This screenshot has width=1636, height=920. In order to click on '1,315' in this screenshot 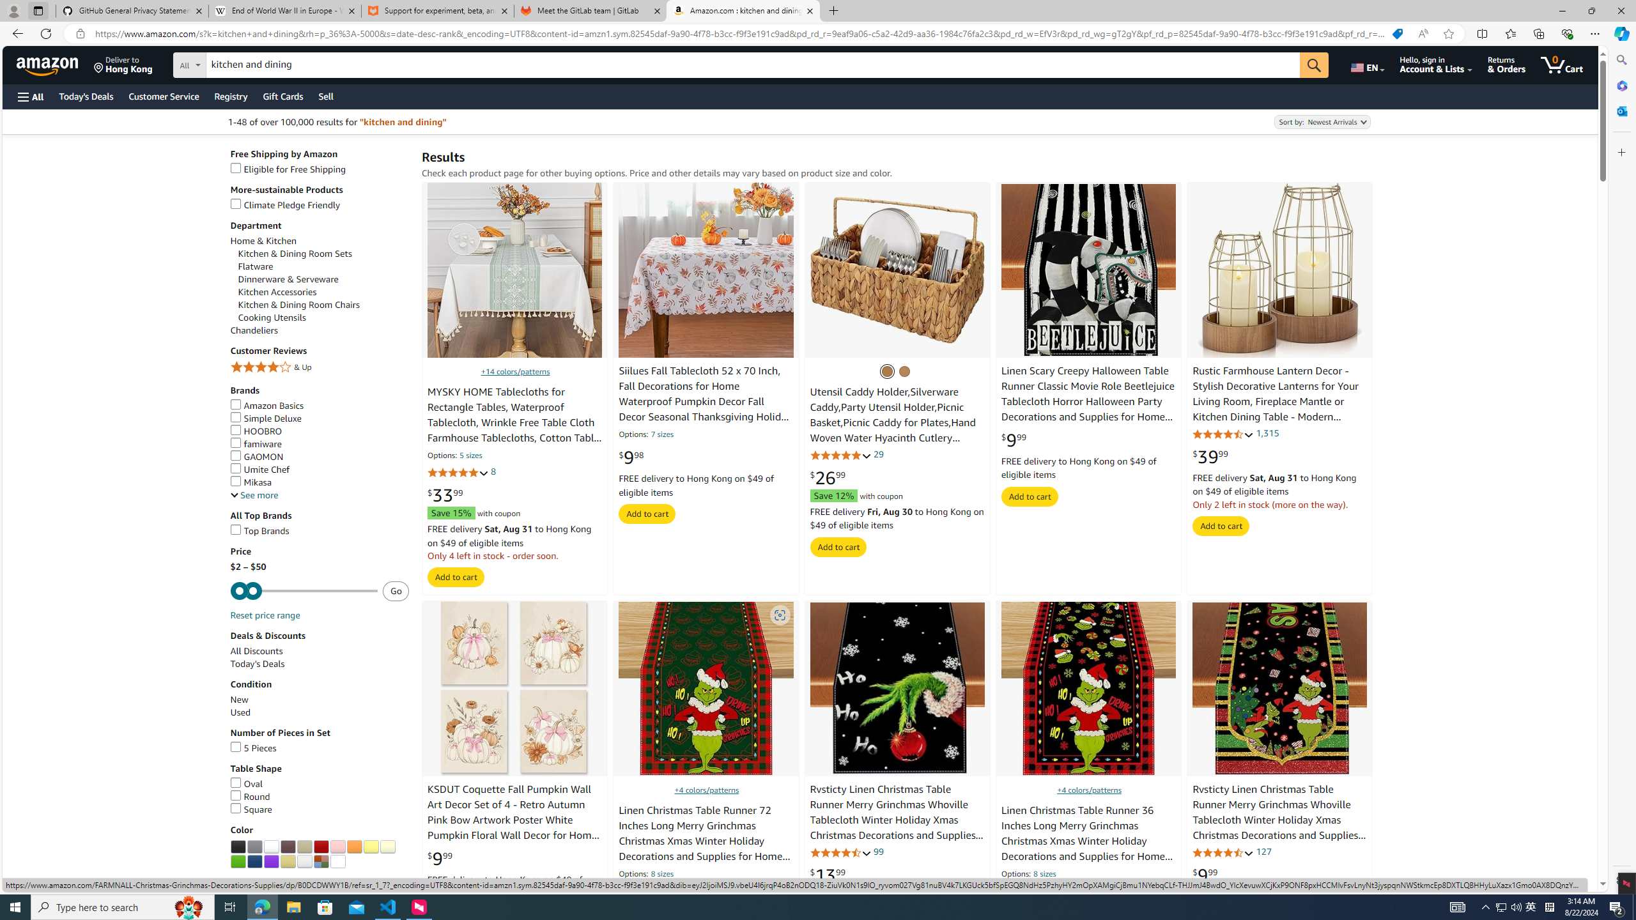, I will do `click(1268, 433)`.